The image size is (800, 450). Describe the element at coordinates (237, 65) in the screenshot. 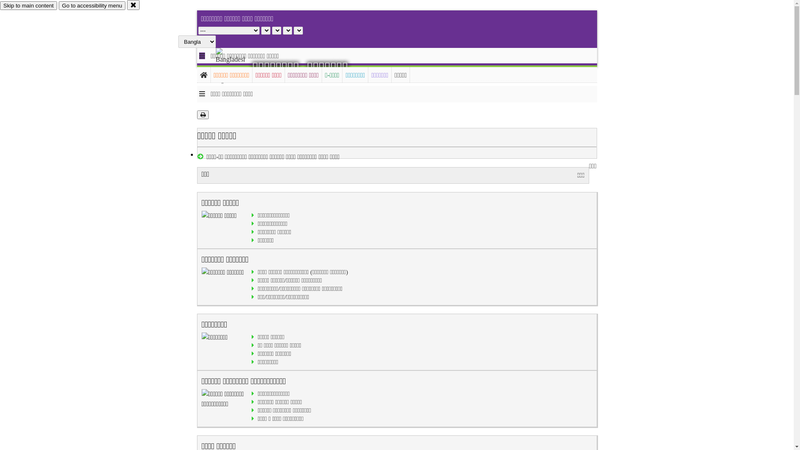

I see `'` at that location.